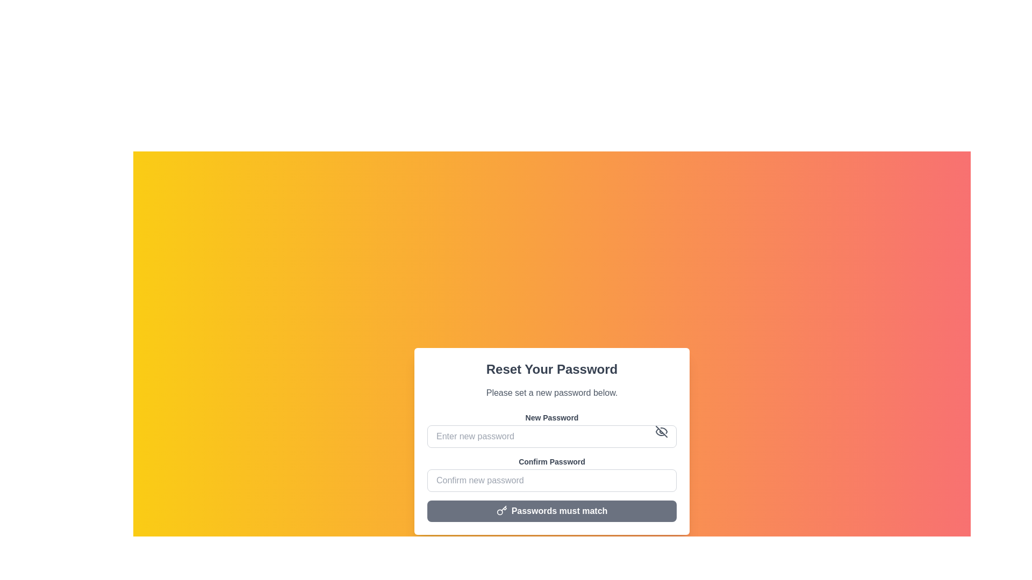  What do you see at coordinates (499, 512) in the screenshot?
I see `the small circular segment on the left side of the key icon in the password-reset interface` at bounding box center [499, 512].